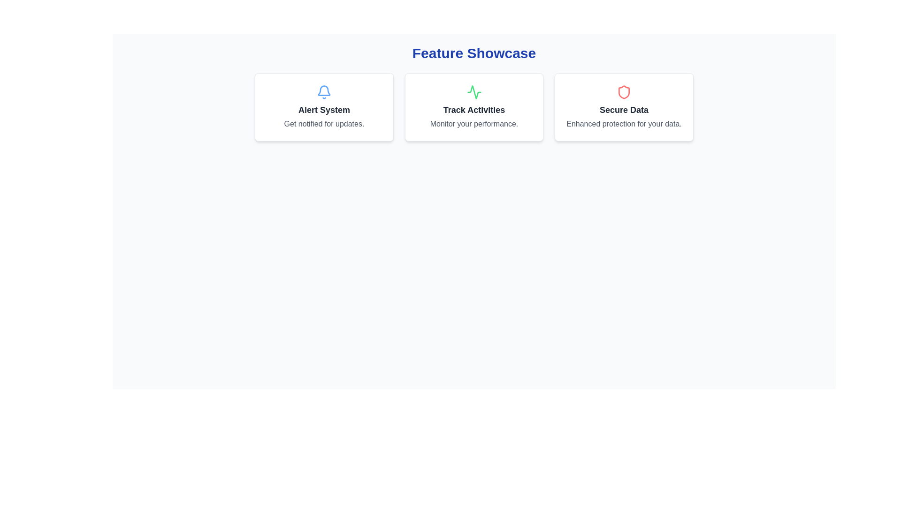  What do you see at coordinates (474, 92) in the screenshot?
I see `the green line graph icon located in the middle feature card of a triplet layout, which is positioned directly above the 'Track Activities' heading text` at bounding box center [474, 92].